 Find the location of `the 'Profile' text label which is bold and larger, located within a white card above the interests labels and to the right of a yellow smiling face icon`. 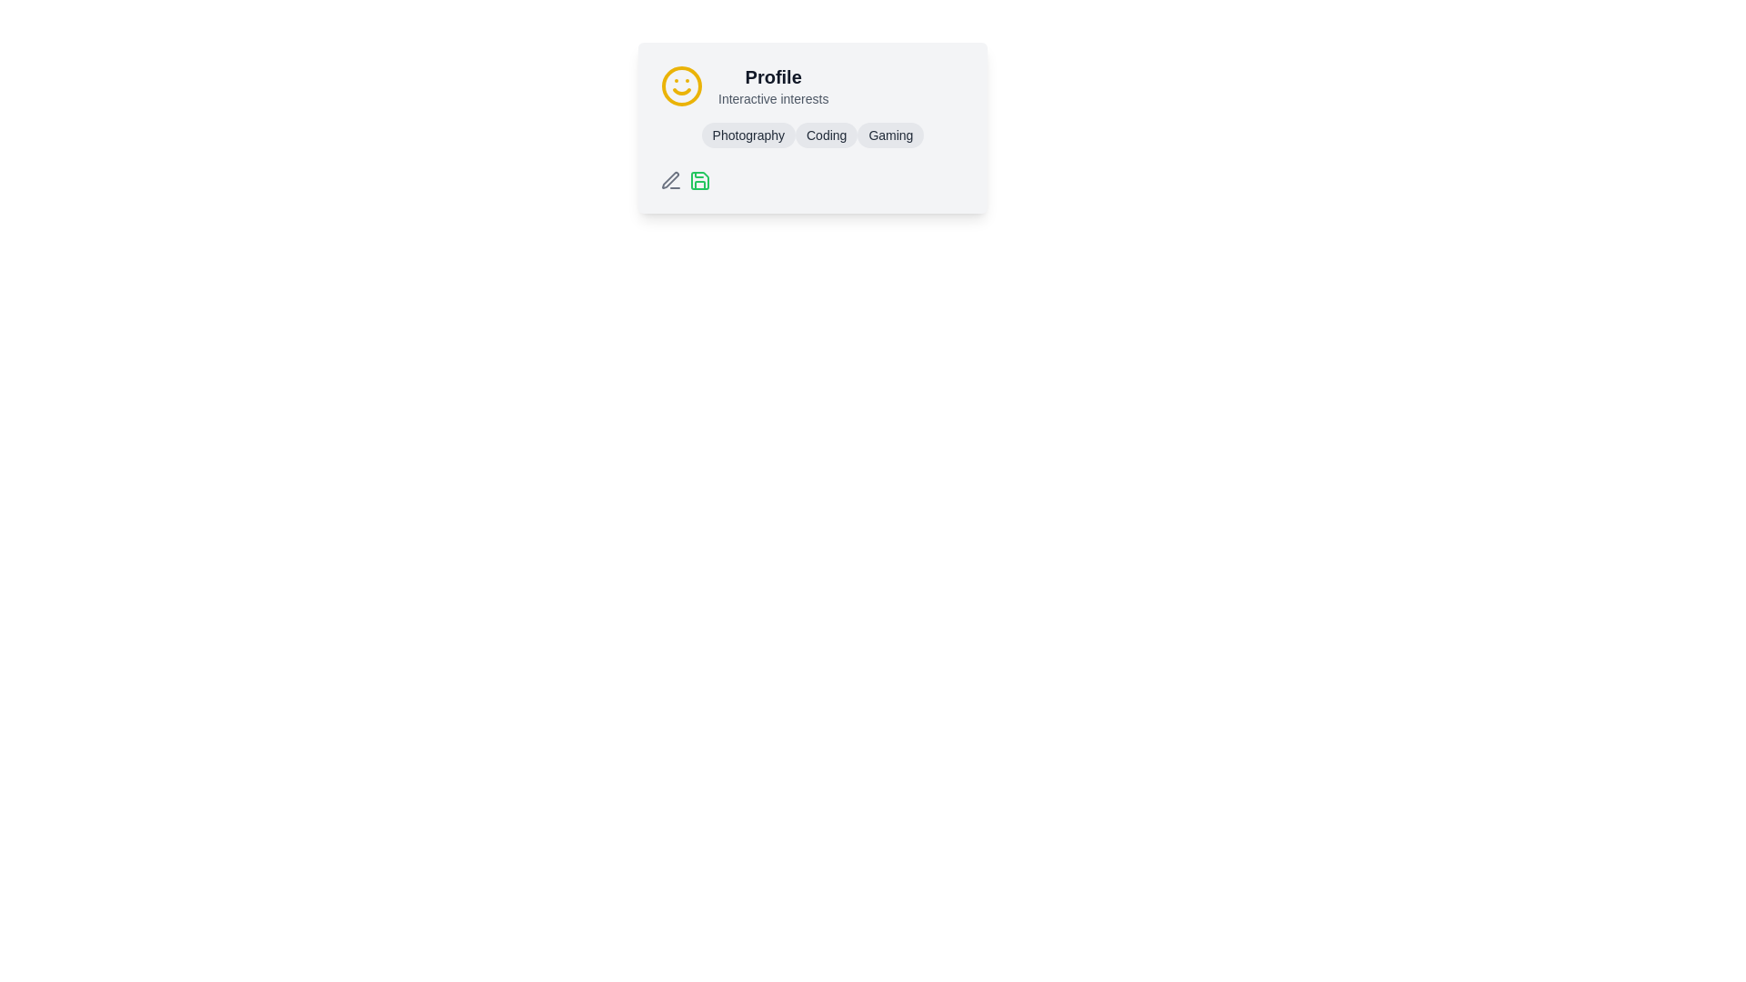

the 'Profile' text label which is bold and larger, located within a white card above the interests labels and to the right of a yellow smiling face icon is located at coordinates (773, 86).